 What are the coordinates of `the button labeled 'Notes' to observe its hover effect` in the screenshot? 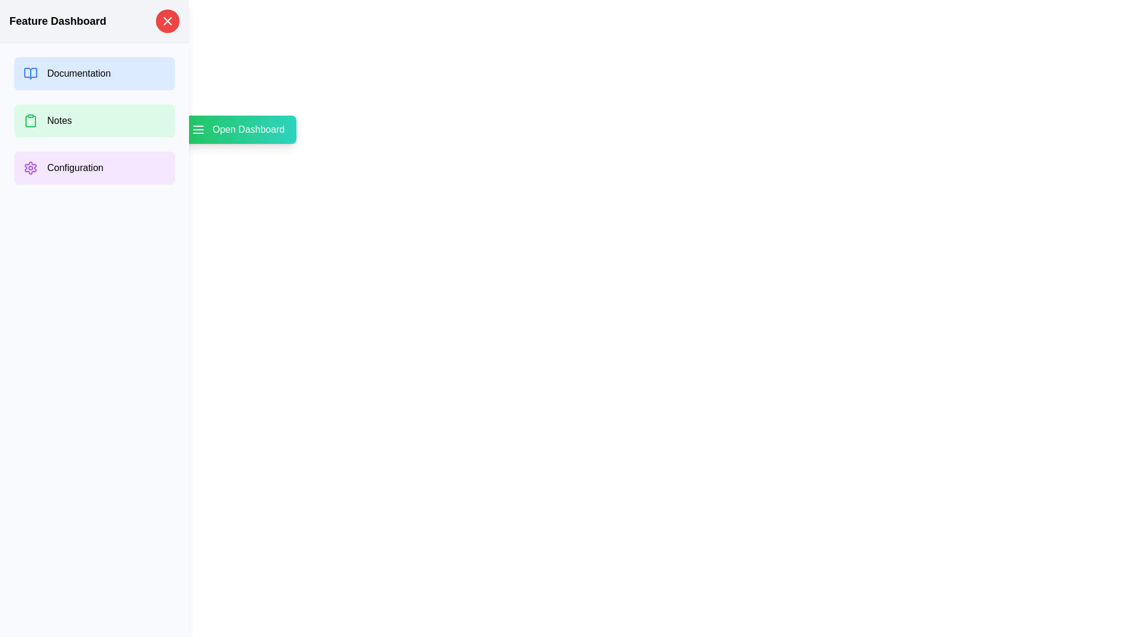 It's located at (93, 120).